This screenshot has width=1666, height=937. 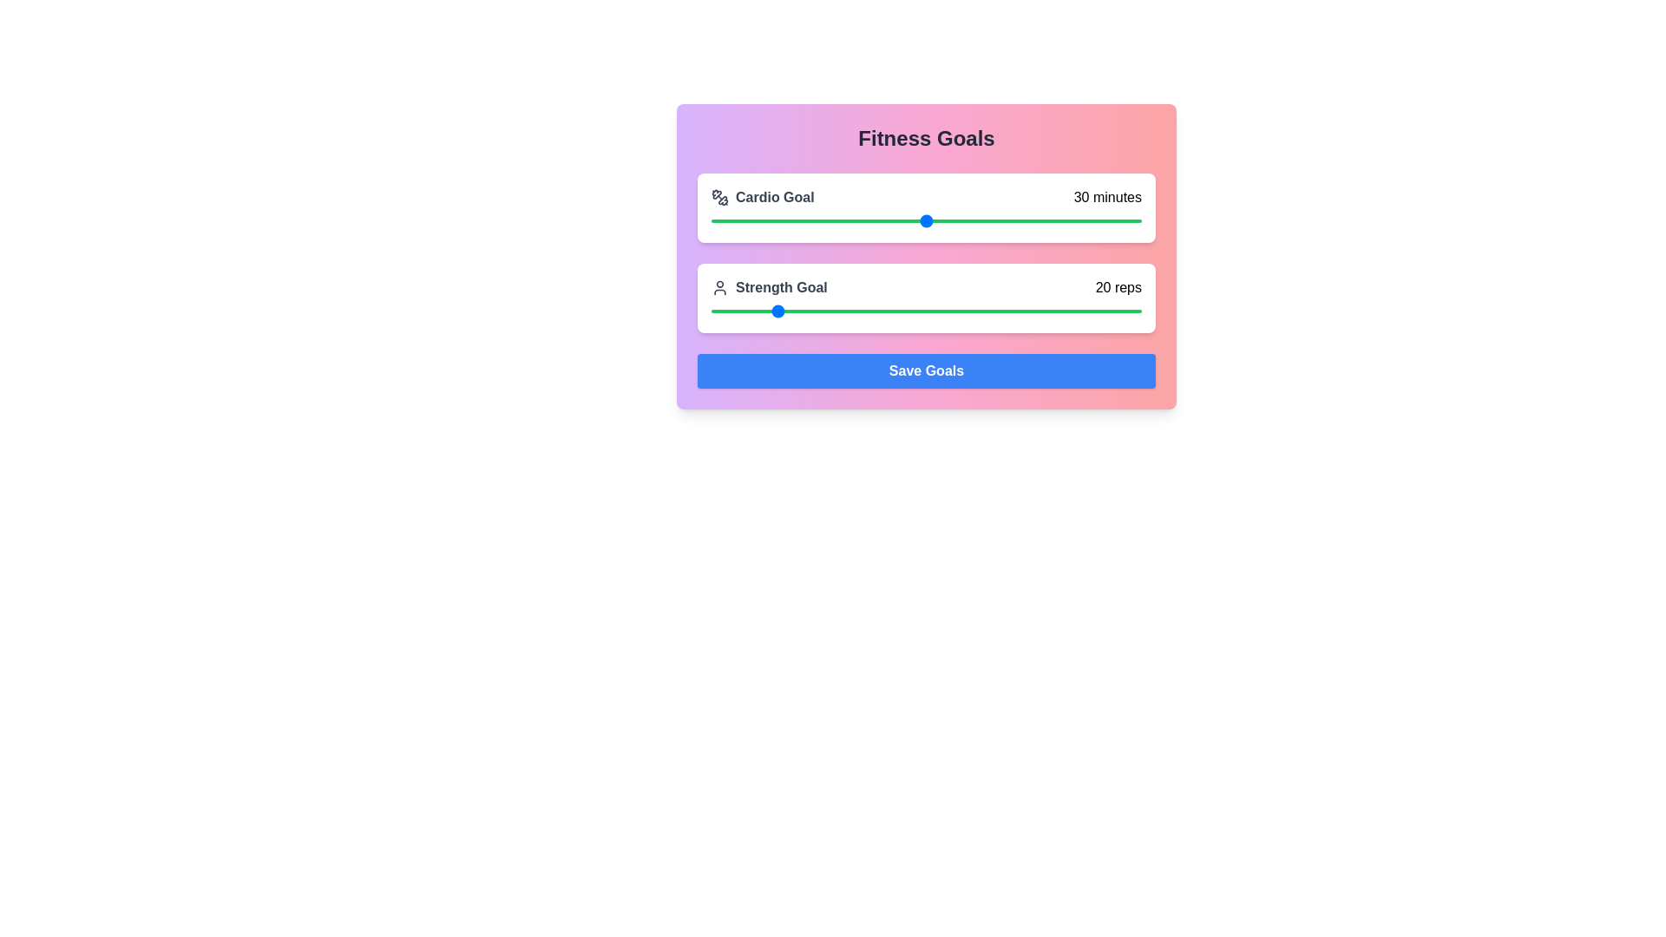 I want to click on the cardio goal, so click(x=1112, y=220).